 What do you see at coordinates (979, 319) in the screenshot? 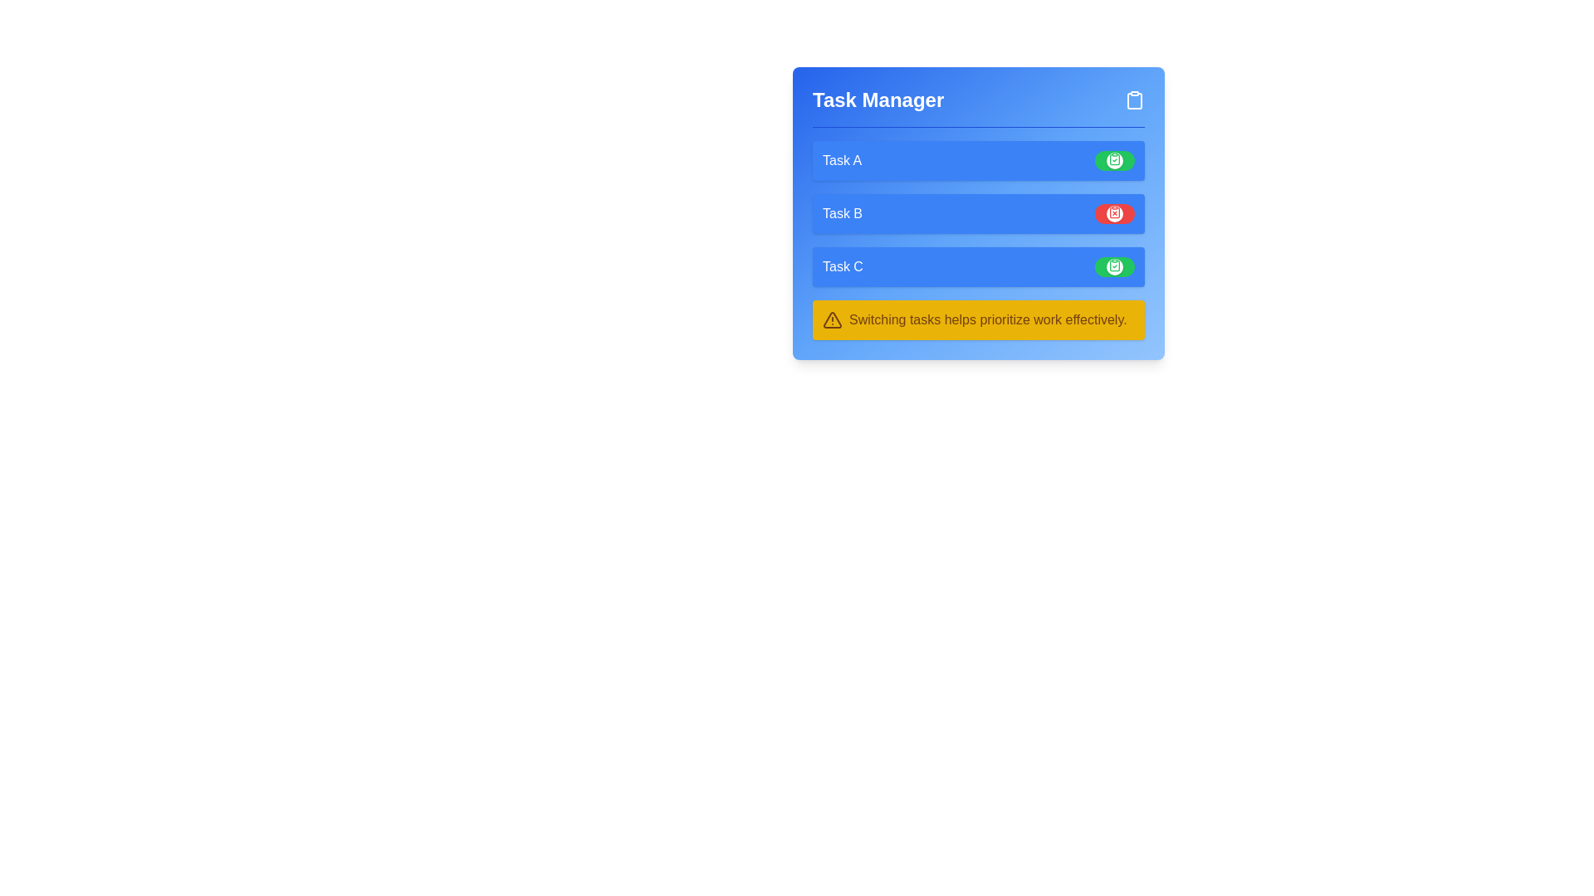
I see `the Notification banner, which serves as a notification or informational alert for users, located below the task sections 'Task A,' 'Task B,' and 'Task C.'` at bounding box center [979, 319].